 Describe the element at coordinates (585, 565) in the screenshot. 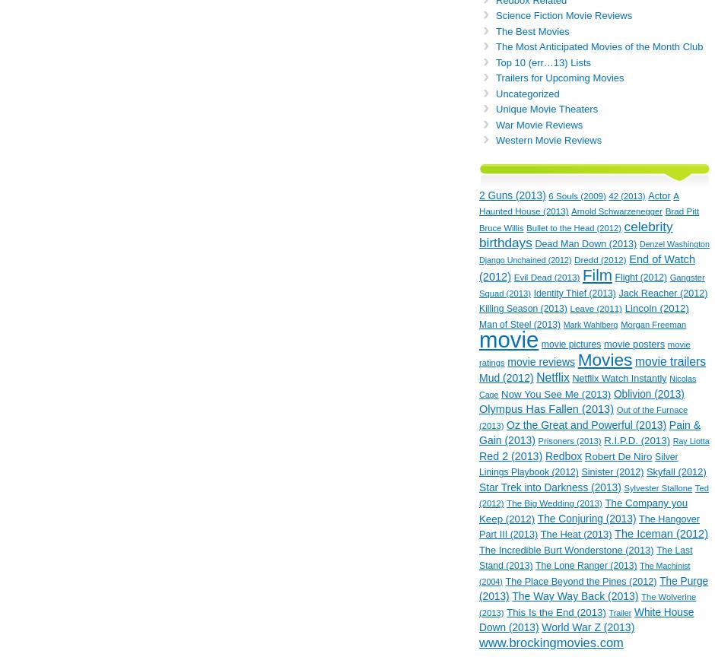

I see `'The Lone Ranger (2013)'` at that location.